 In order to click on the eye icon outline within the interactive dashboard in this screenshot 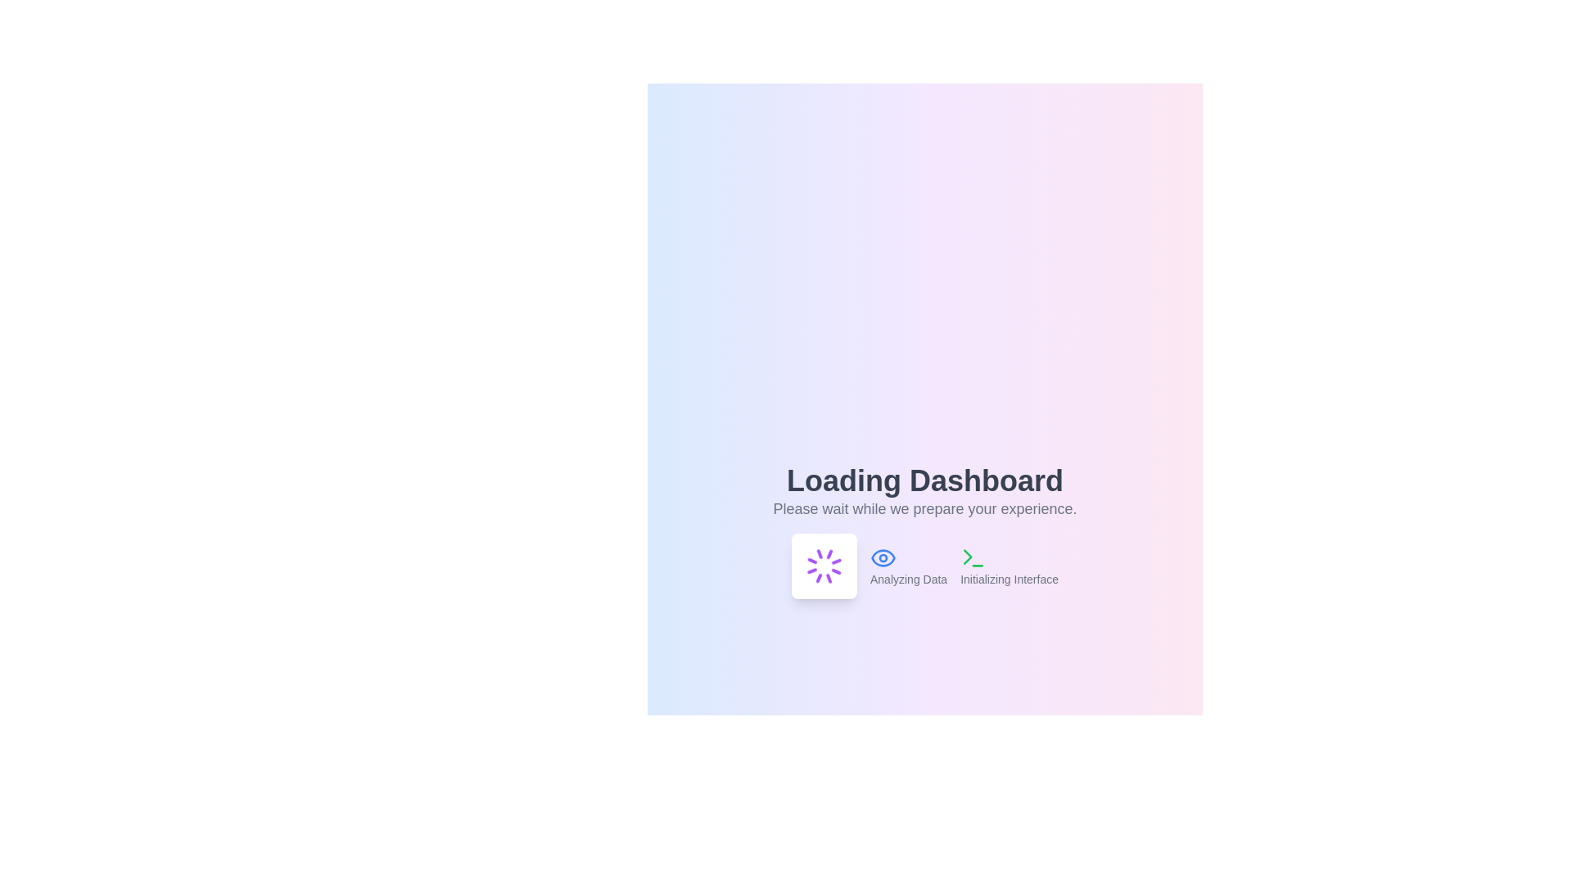, I will do `click(883, 557)`.